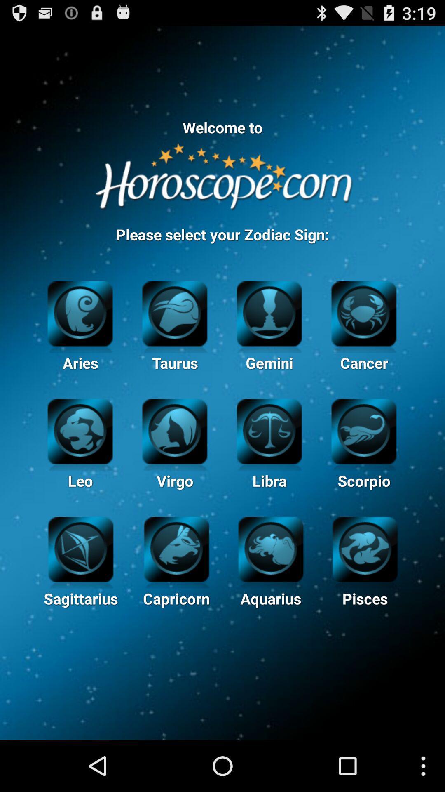 The width and height of the screenshot is (445, 792). I want to click on aquarium button, so click(271, 548).